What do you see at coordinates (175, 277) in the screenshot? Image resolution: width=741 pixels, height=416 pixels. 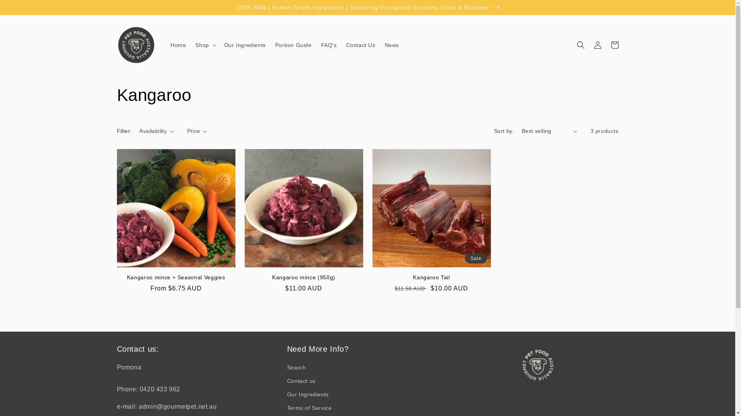 I see `'Kangaroo mince + Seasonal Veggies'` at bounding box center [175, 277].